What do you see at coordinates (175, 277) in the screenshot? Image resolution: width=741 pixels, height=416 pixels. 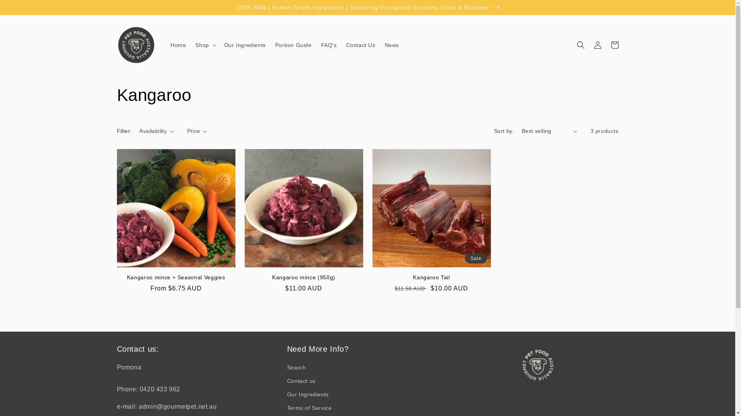 I see `'Kangaroo mince + Seasonal Veggies'` at bounding box center [175, 277].